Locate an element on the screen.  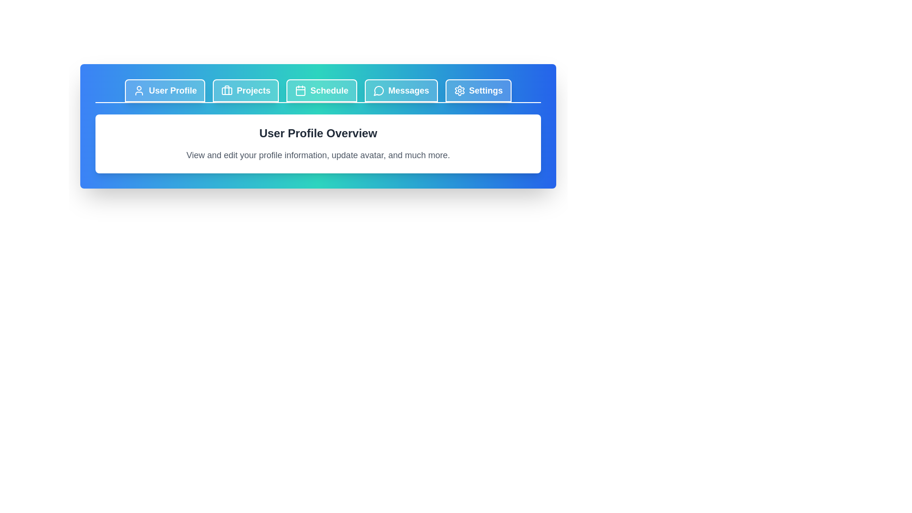
the small briefcase icon located next to the text labeled 'Projects' in the navigation bar is located at coordinates (227, 91).